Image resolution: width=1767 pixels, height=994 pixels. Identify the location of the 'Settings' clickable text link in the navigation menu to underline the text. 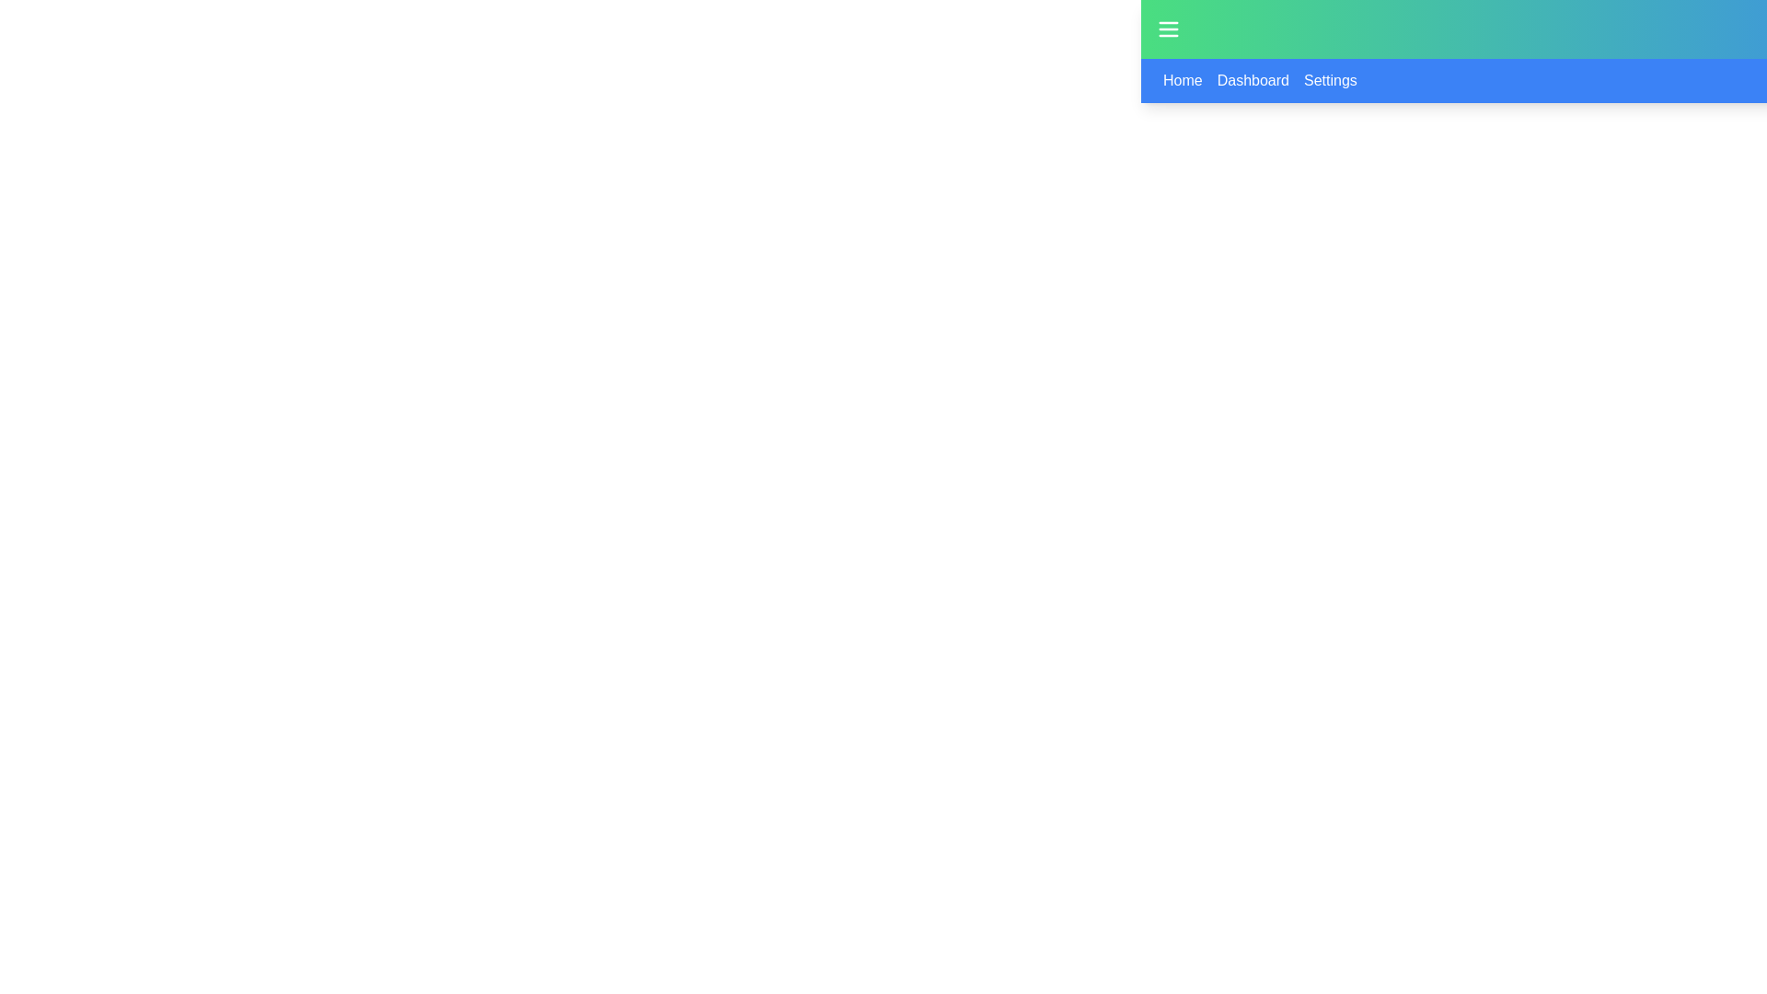
(1330, 80).